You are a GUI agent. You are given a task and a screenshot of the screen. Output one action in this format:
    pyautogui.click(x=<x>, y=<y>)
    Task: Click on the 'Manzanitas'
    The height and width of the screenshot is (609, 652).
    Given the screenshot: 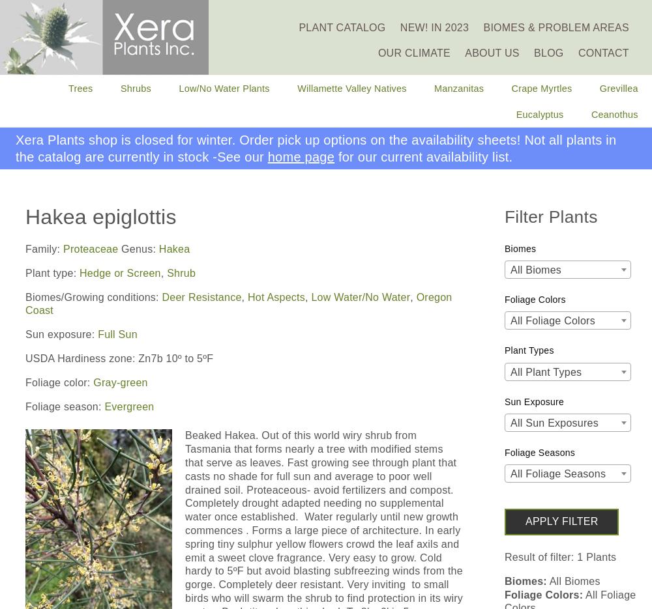 What is the action you would take?
    pyautogui.click(x=458, y=89)
    